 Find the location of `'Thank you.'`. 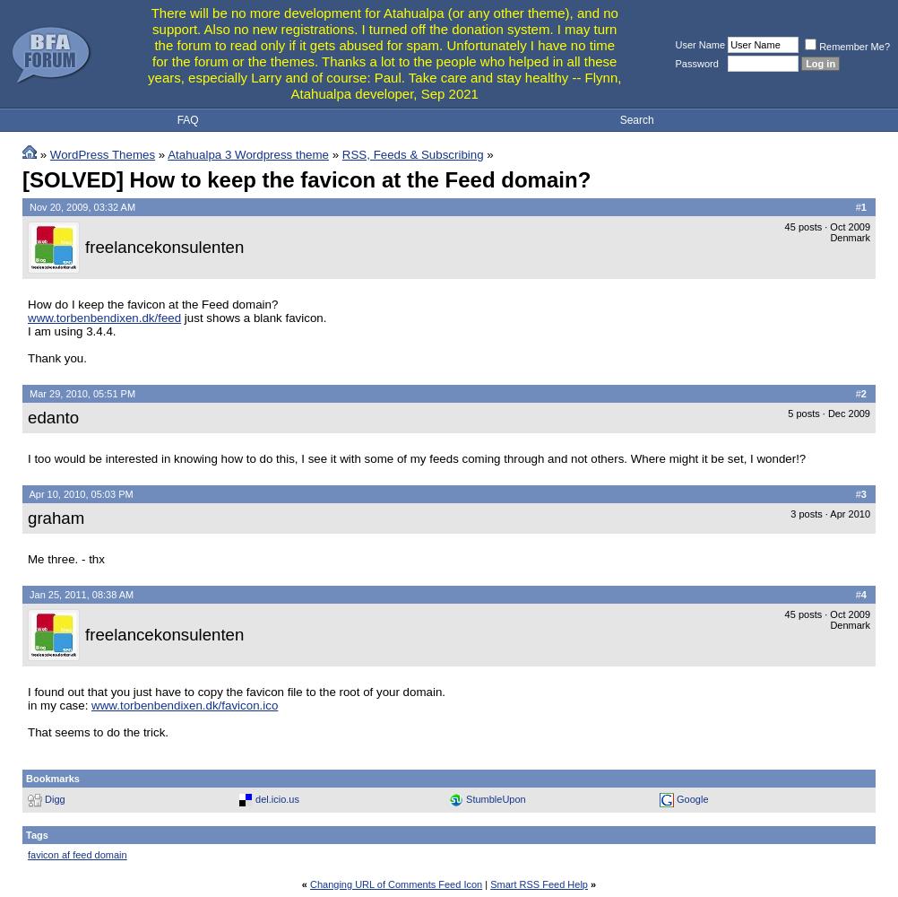

'Thank you.' is located at coordinates (56, 357).